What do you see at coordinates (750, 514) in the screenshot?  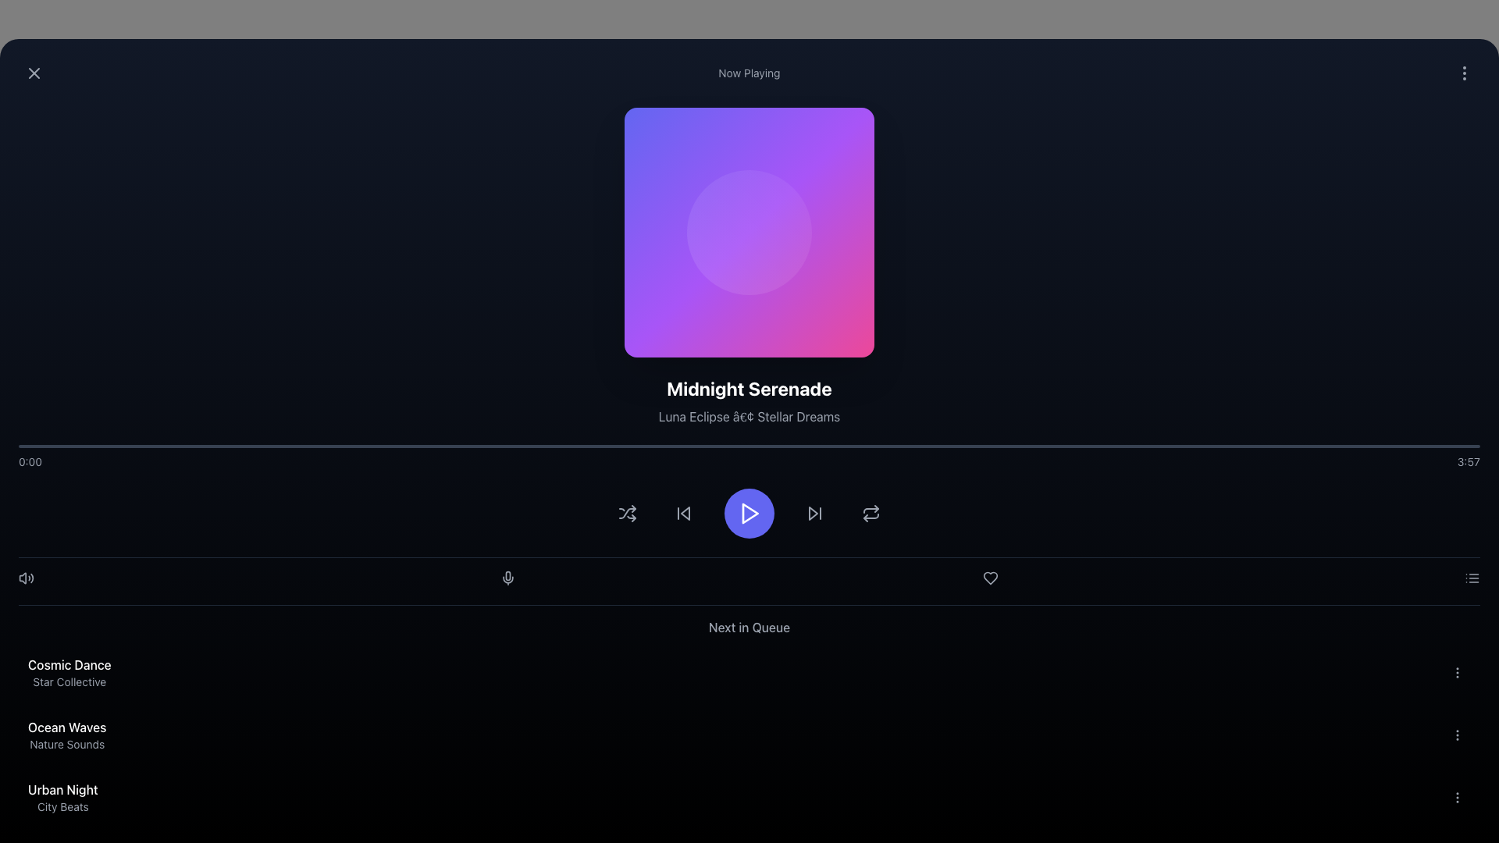 I see `the triangular play icon embedded within the circular button located in the middle of the playback controls section to play or pause the playback` at bounding box center [750, 514].